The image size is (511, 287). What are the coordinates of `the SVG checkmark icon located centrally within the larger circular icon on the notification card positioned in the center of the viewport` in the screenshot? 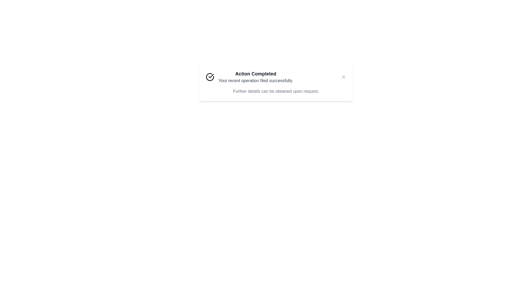 It's located at (211, 76).